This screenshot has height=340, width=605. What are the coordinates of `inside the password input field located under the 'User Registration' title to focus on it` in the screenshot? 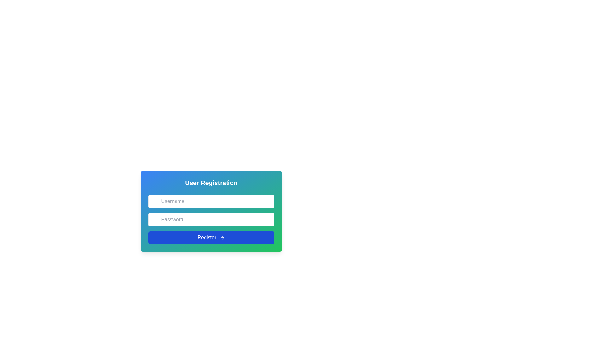 It's located at (211, 219).